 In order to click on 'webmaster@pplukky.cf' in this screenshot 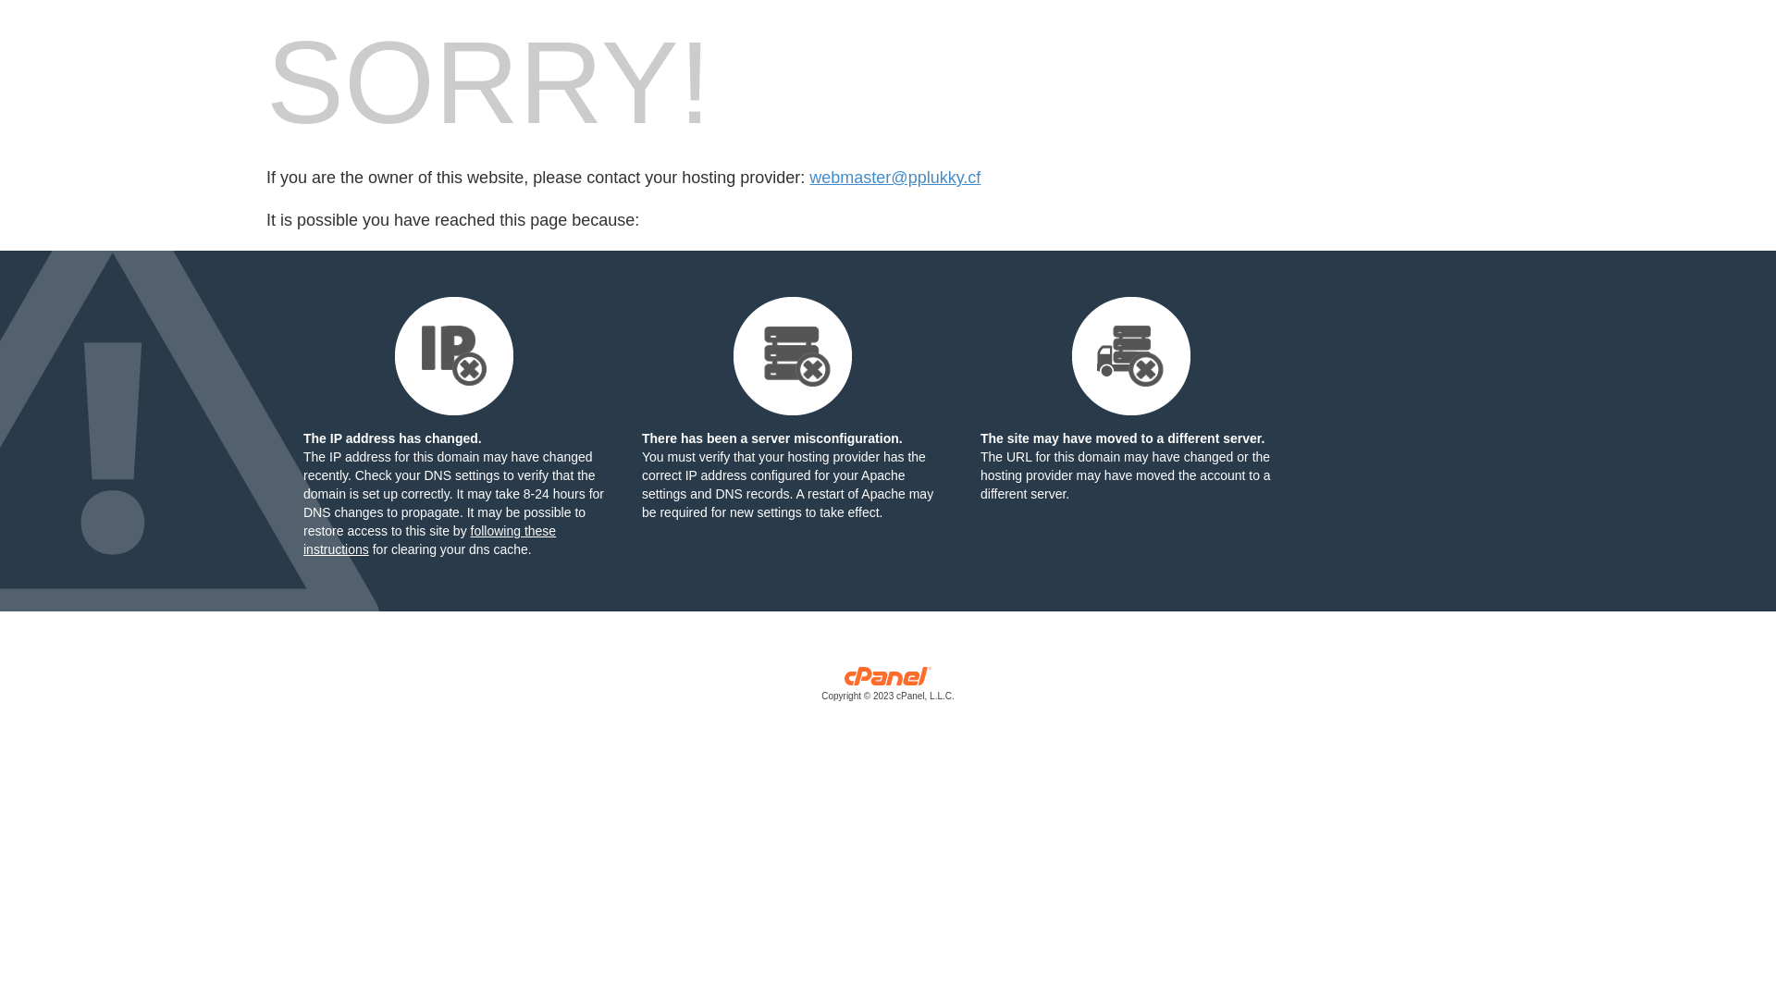, I will do `click(894, 178)`.